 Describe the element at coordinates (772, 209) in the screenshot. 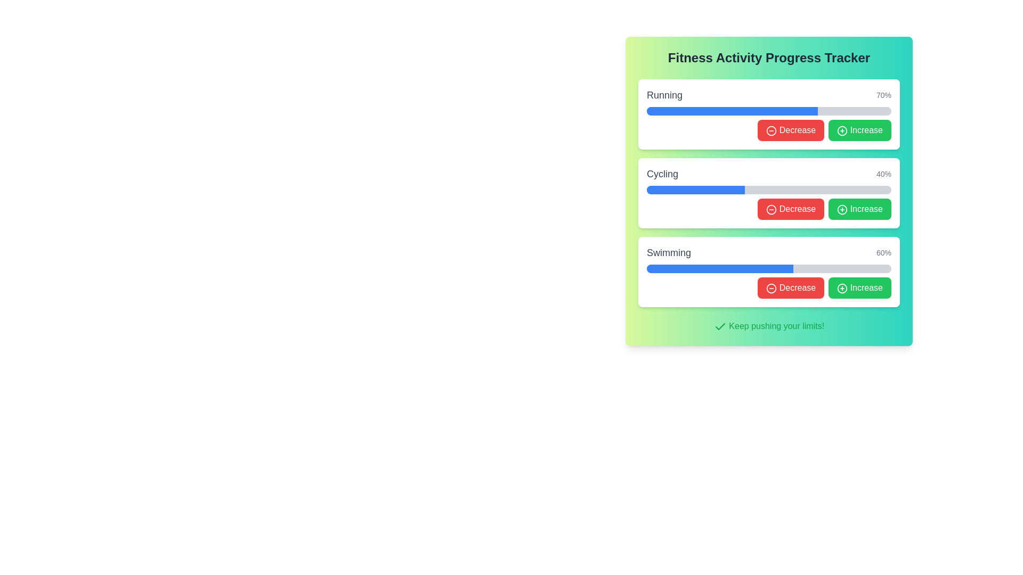

I see `the 'Decrease' button icon located to the right of the 'Cycling' progress bar, which symbolizes a decrease action` at that location.